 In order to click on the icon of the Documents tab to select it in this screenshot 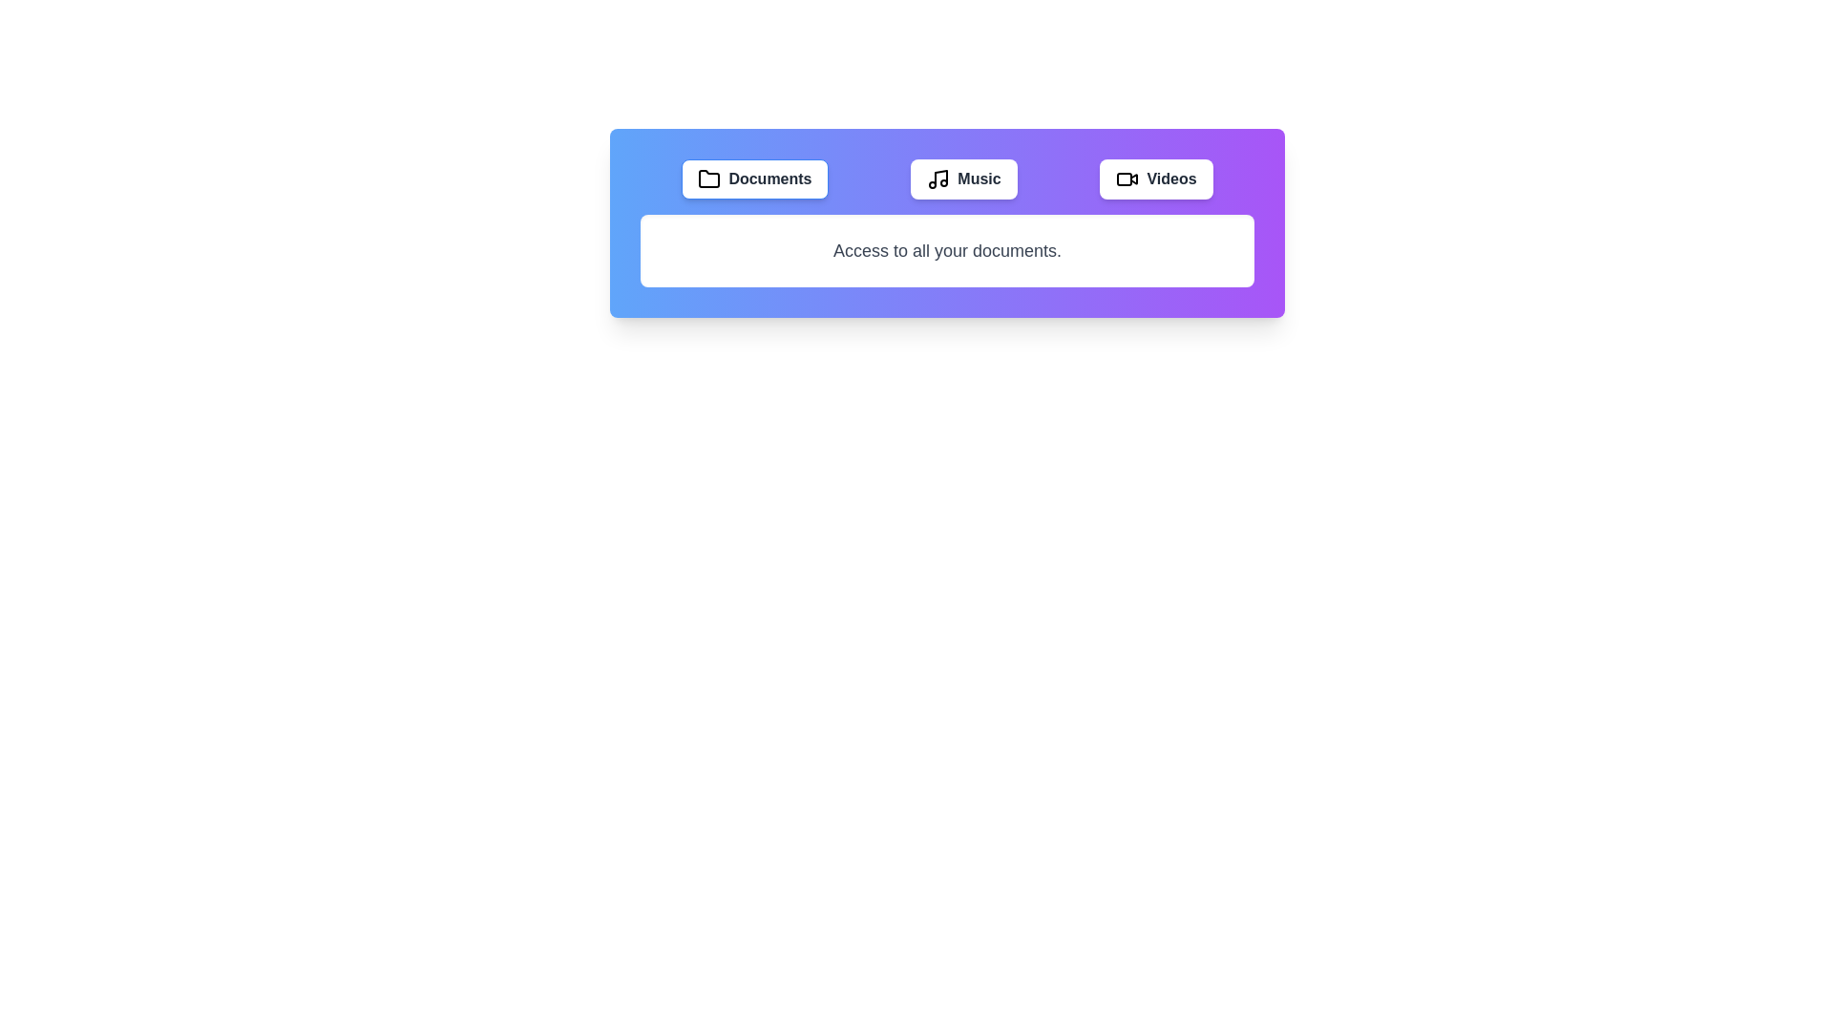, I will do `click(708, 179)`.